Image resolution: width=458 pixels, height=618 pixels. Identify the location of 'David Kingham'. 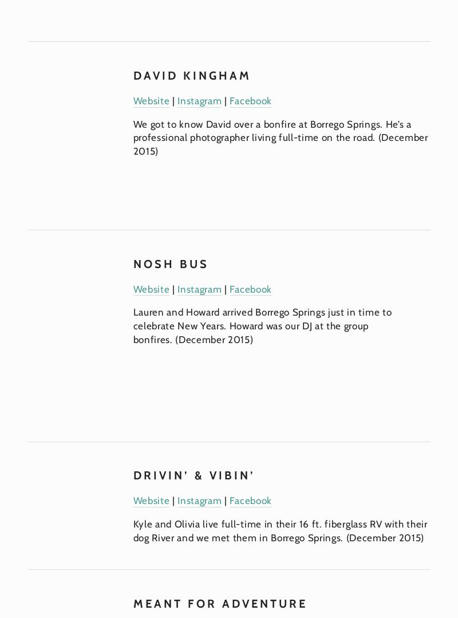
(191, 74).